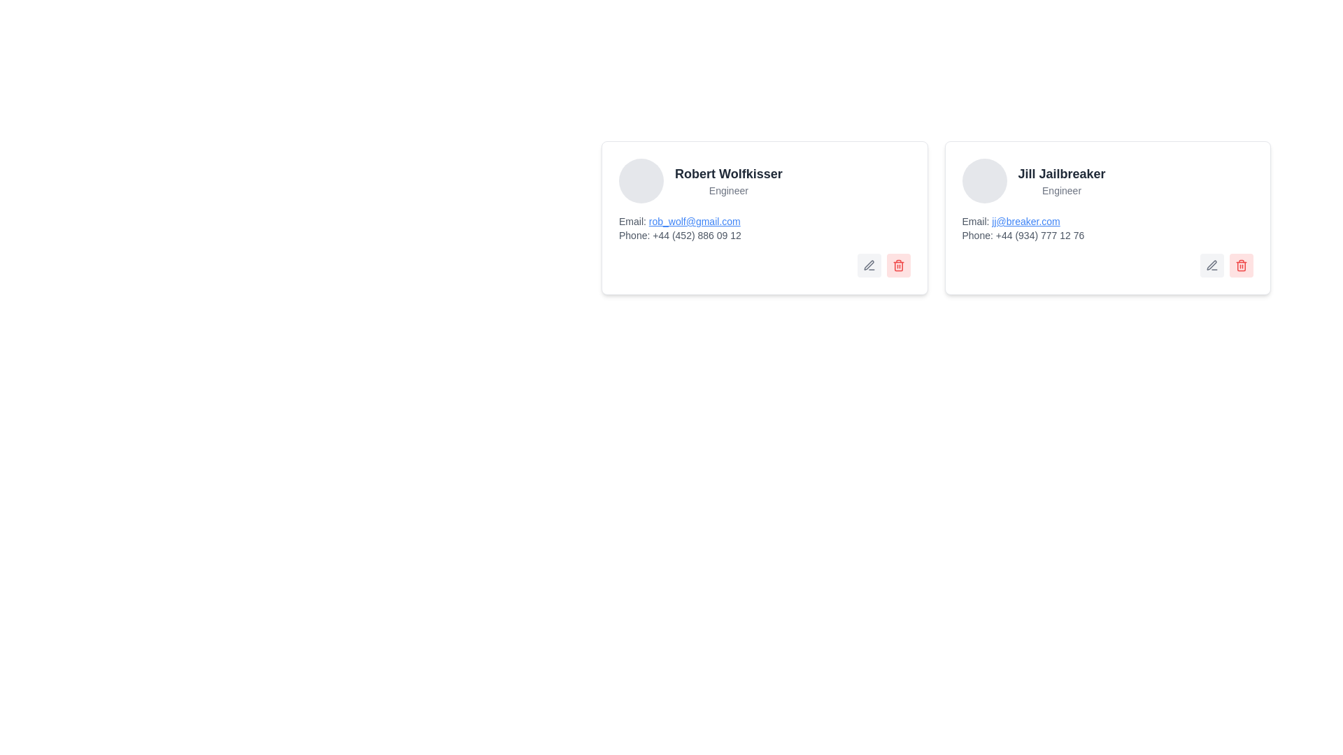  I want to click on the edit button with a pen icon located at the bottom right corner of Robert Wolfkisser's user card, so click(868, 266).